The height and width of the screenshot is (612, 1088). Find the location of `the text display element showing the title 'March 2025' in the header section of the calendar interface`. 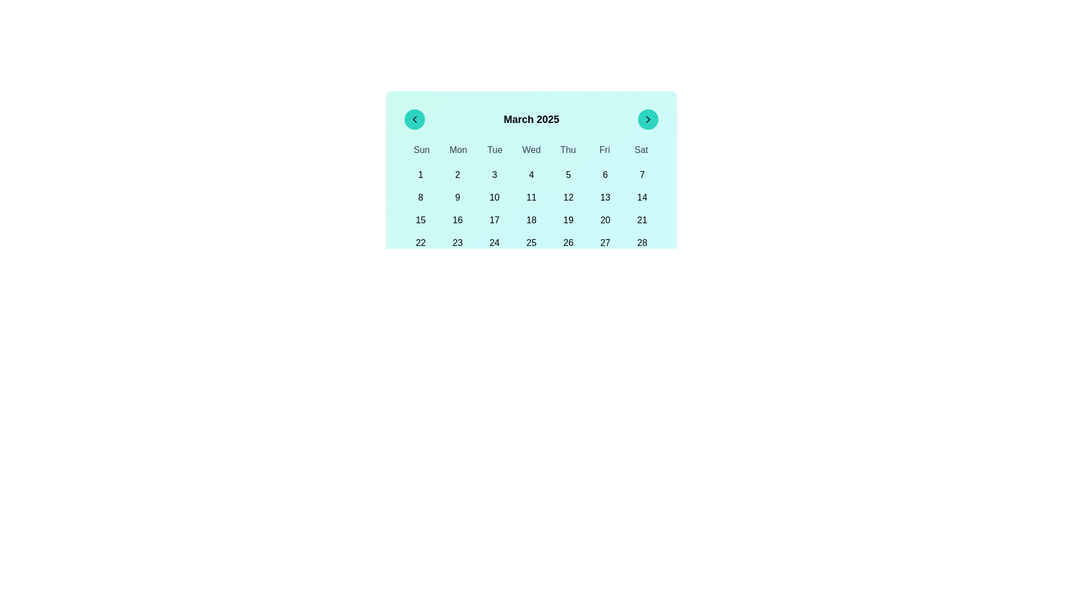

the text display element showing the title 'March 2025' in the header section of the calendar interface is located at coordinates (530, 120).